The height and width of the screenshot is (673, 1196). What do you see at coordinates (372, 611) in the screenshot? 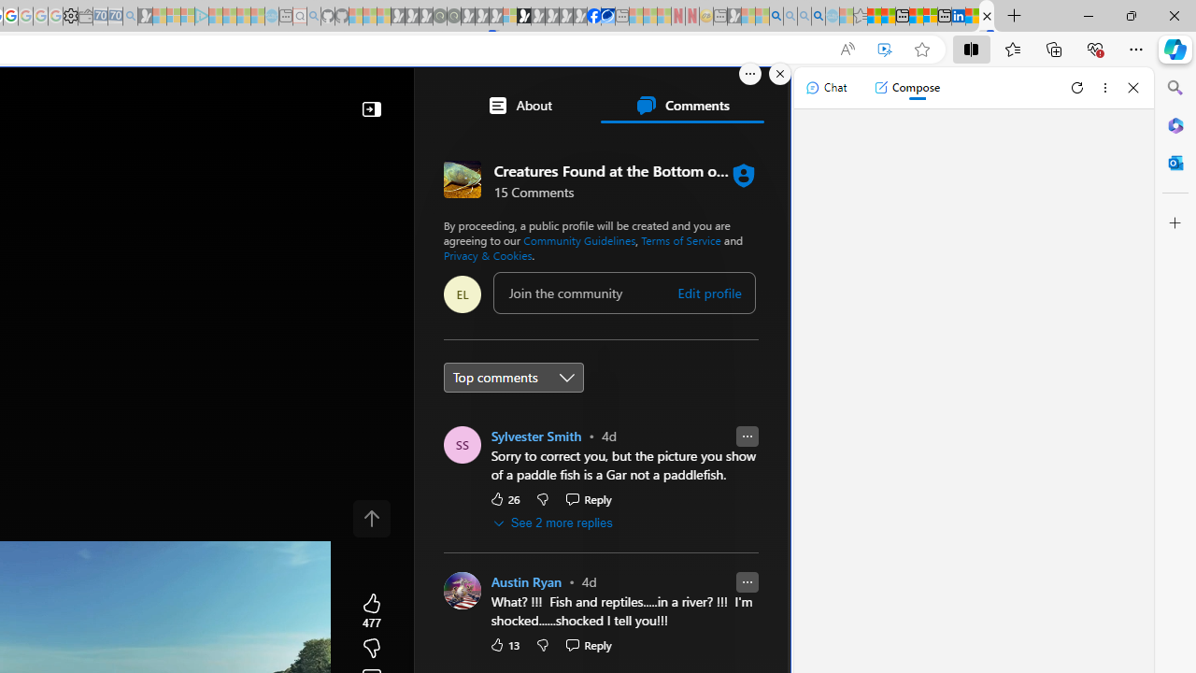
I see `'477 Like'` at bounding box center [372, 611].